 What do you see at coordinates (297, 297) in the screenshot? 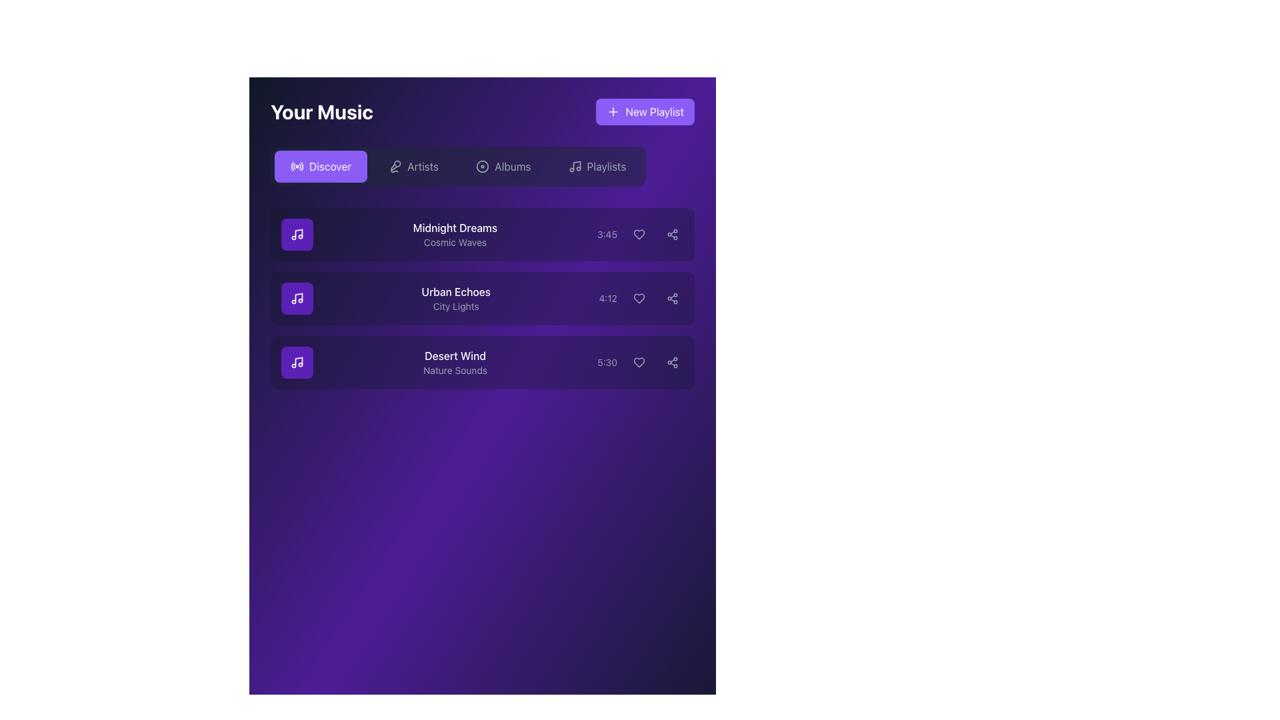
I see `the violet square-shaped icon with a white music note symbol, which is the second icon in the vertical list of music track items, located to the left of the text 'Urban Echoes' and 'City Lights'` at bounding box center [297, 297].